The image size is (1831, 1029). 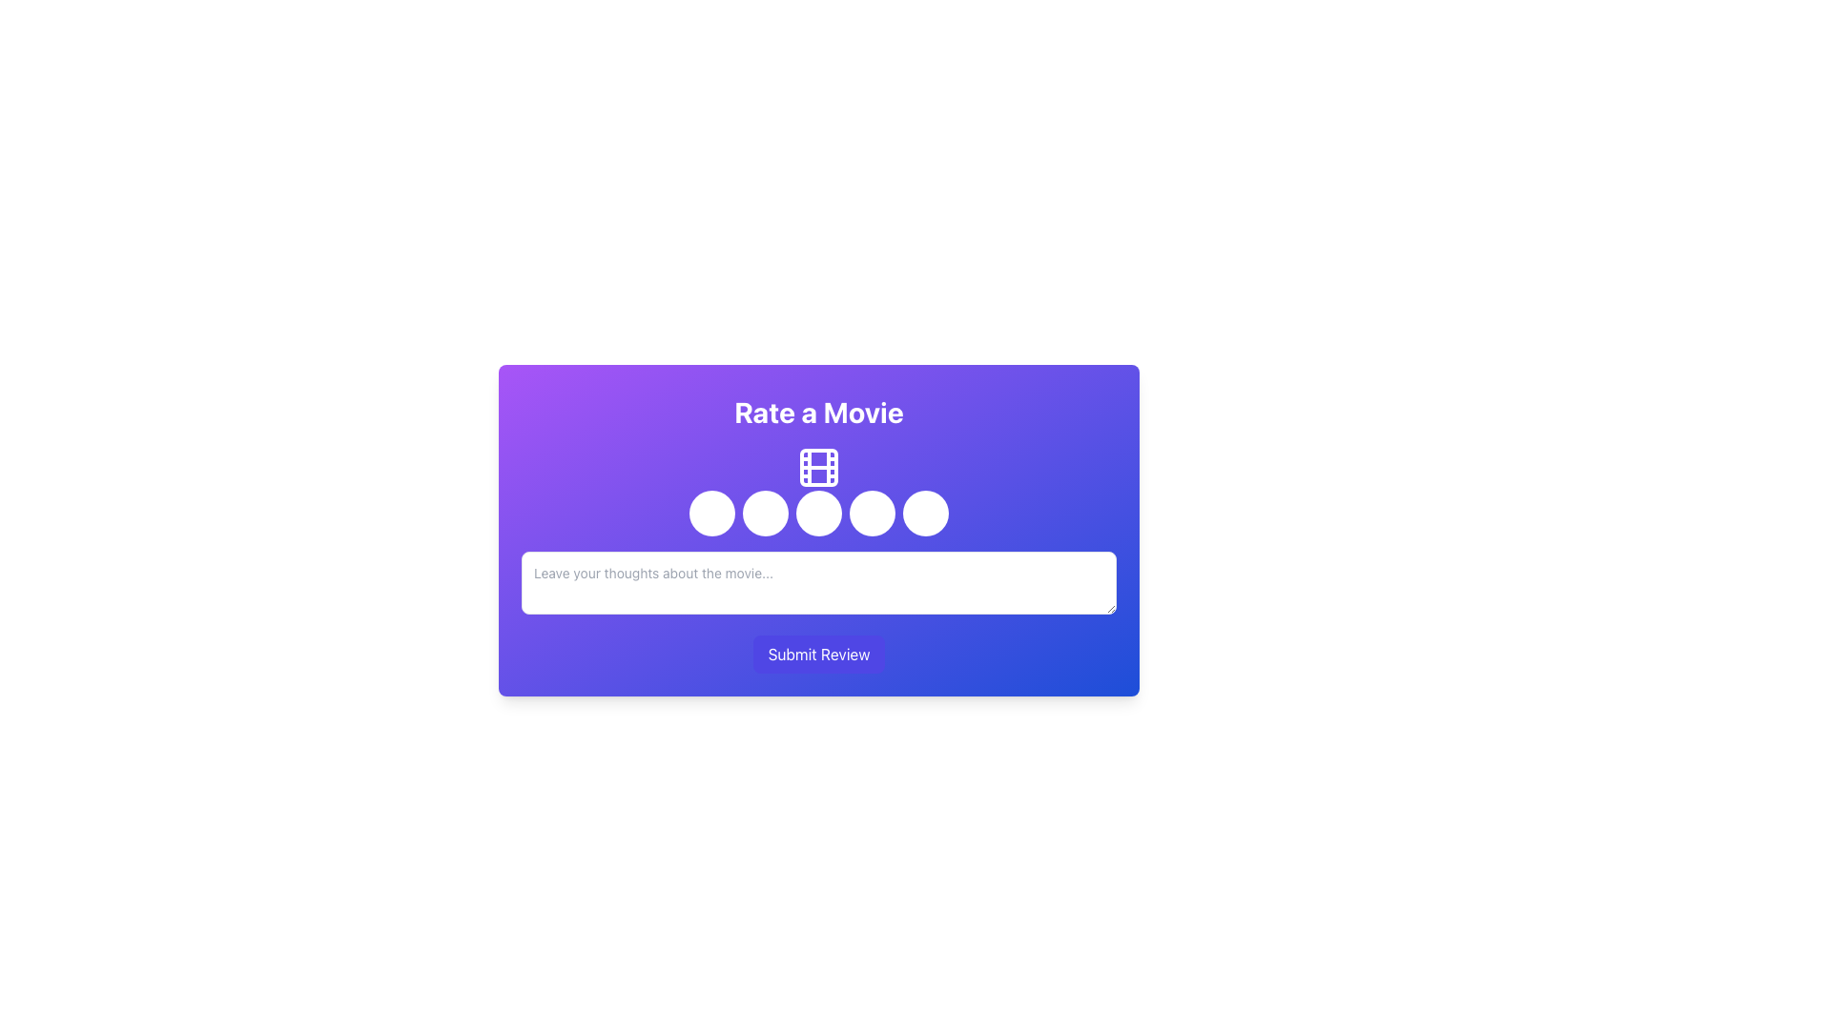 What do you see at coordinates (765, 513) in the screenshot?
I see `the second circular button in the rating mechanism row located beneath the 'Rate a Movie' title` at bounding box center [765, 513].